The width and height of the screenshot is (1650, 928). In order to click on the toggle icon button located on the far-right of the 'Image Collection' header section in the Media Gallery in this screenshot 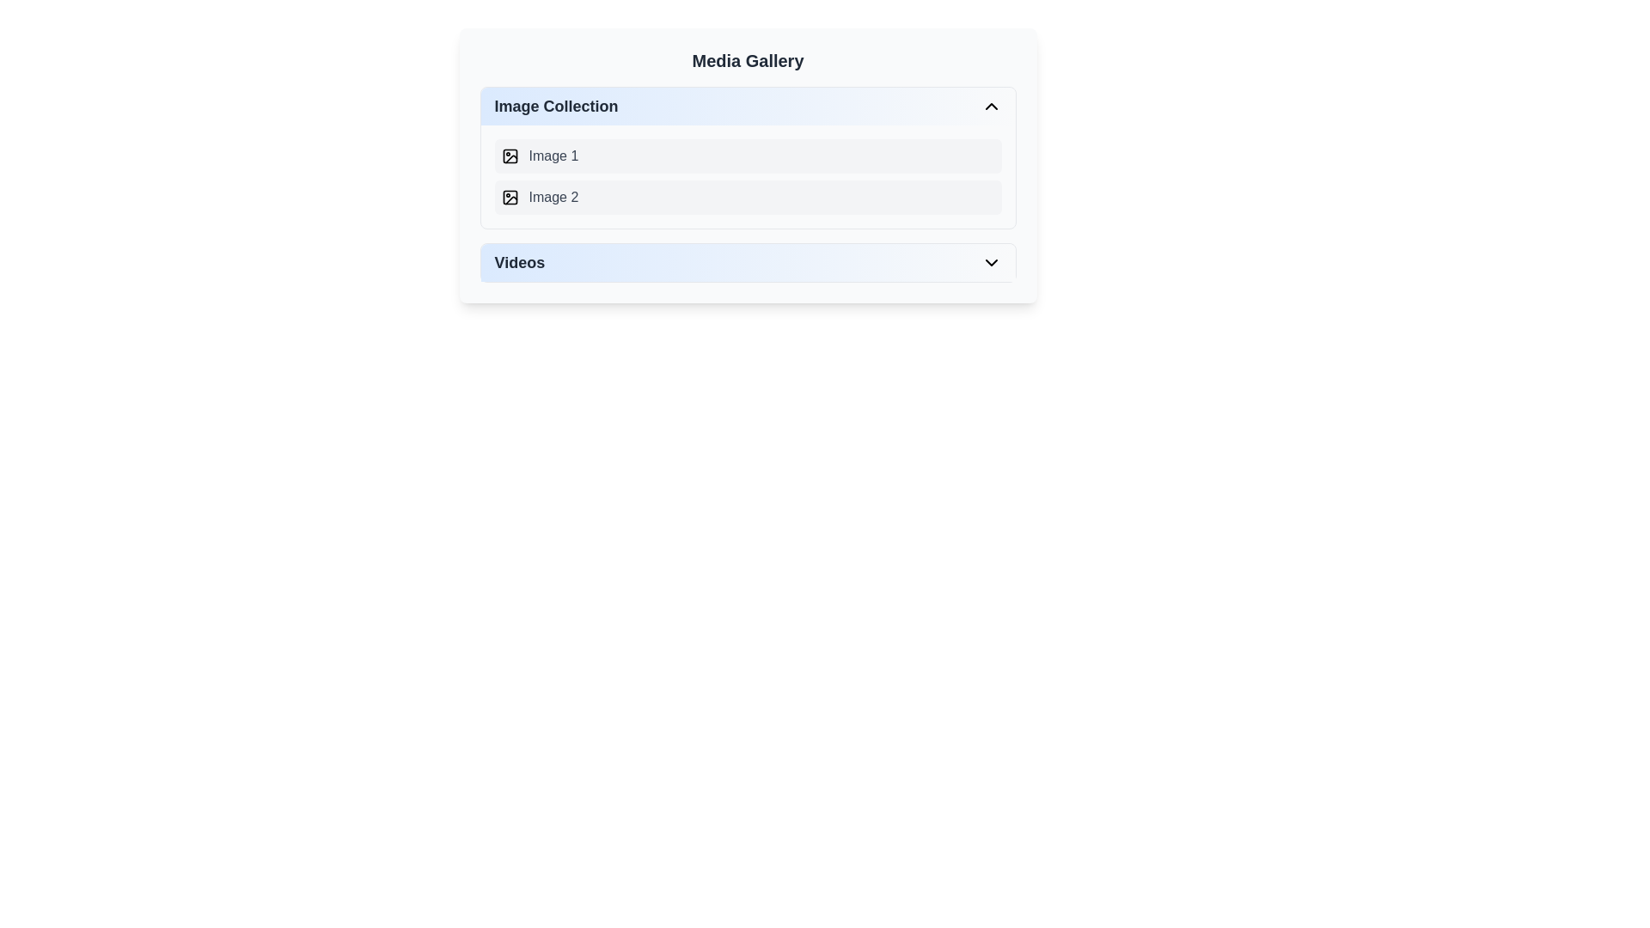, I will do `click(991, 106)`.